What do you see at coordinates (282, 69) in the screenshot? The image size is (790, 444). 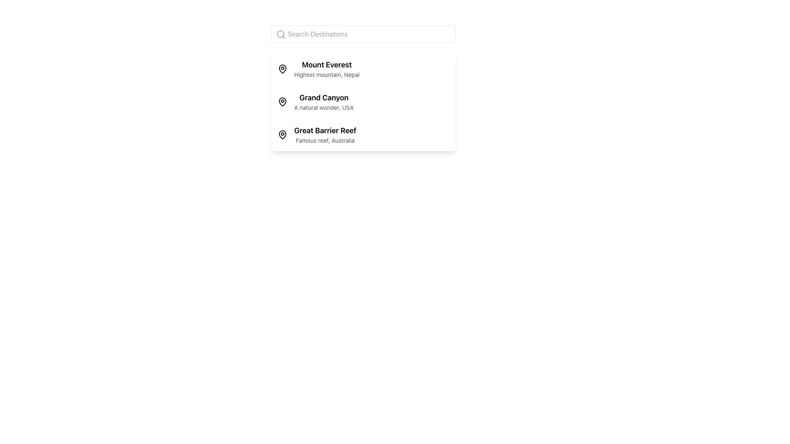 I see `the small black pin icon located to the left of the text 'Mount Everest', which is bolded, in the first entry of the vertical list of destinations` at bounding box center [282, 69].